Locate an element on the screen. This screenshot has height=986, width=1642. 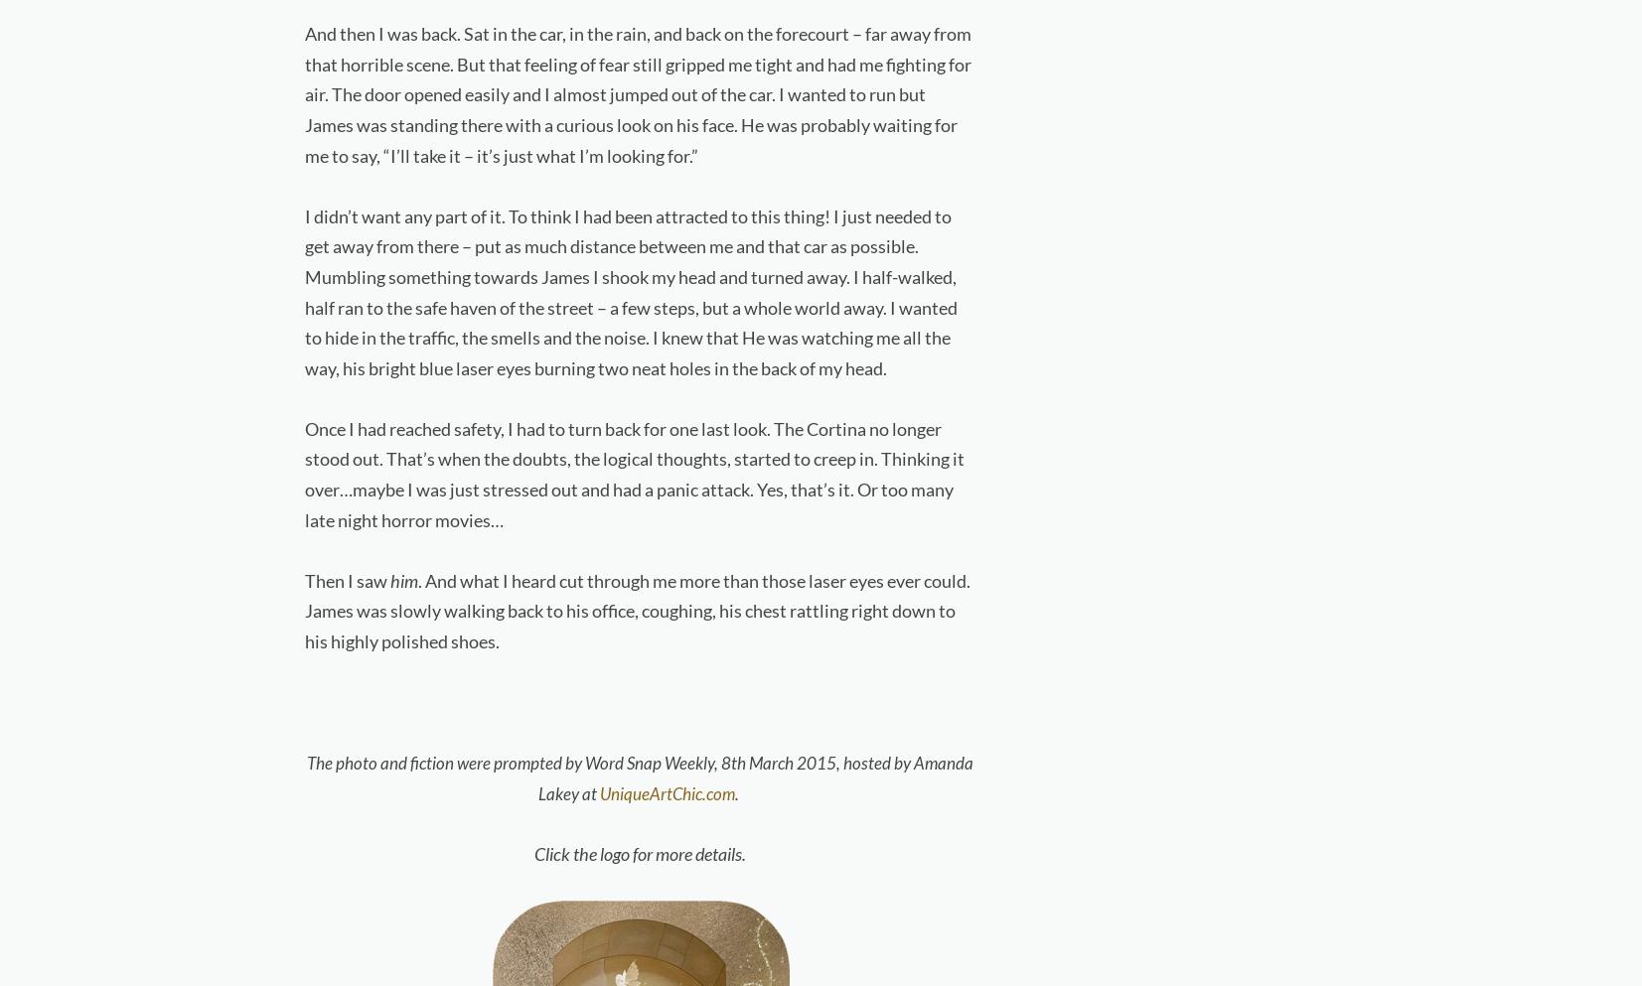
'Then I saw' is located at coordinates (345, 579).